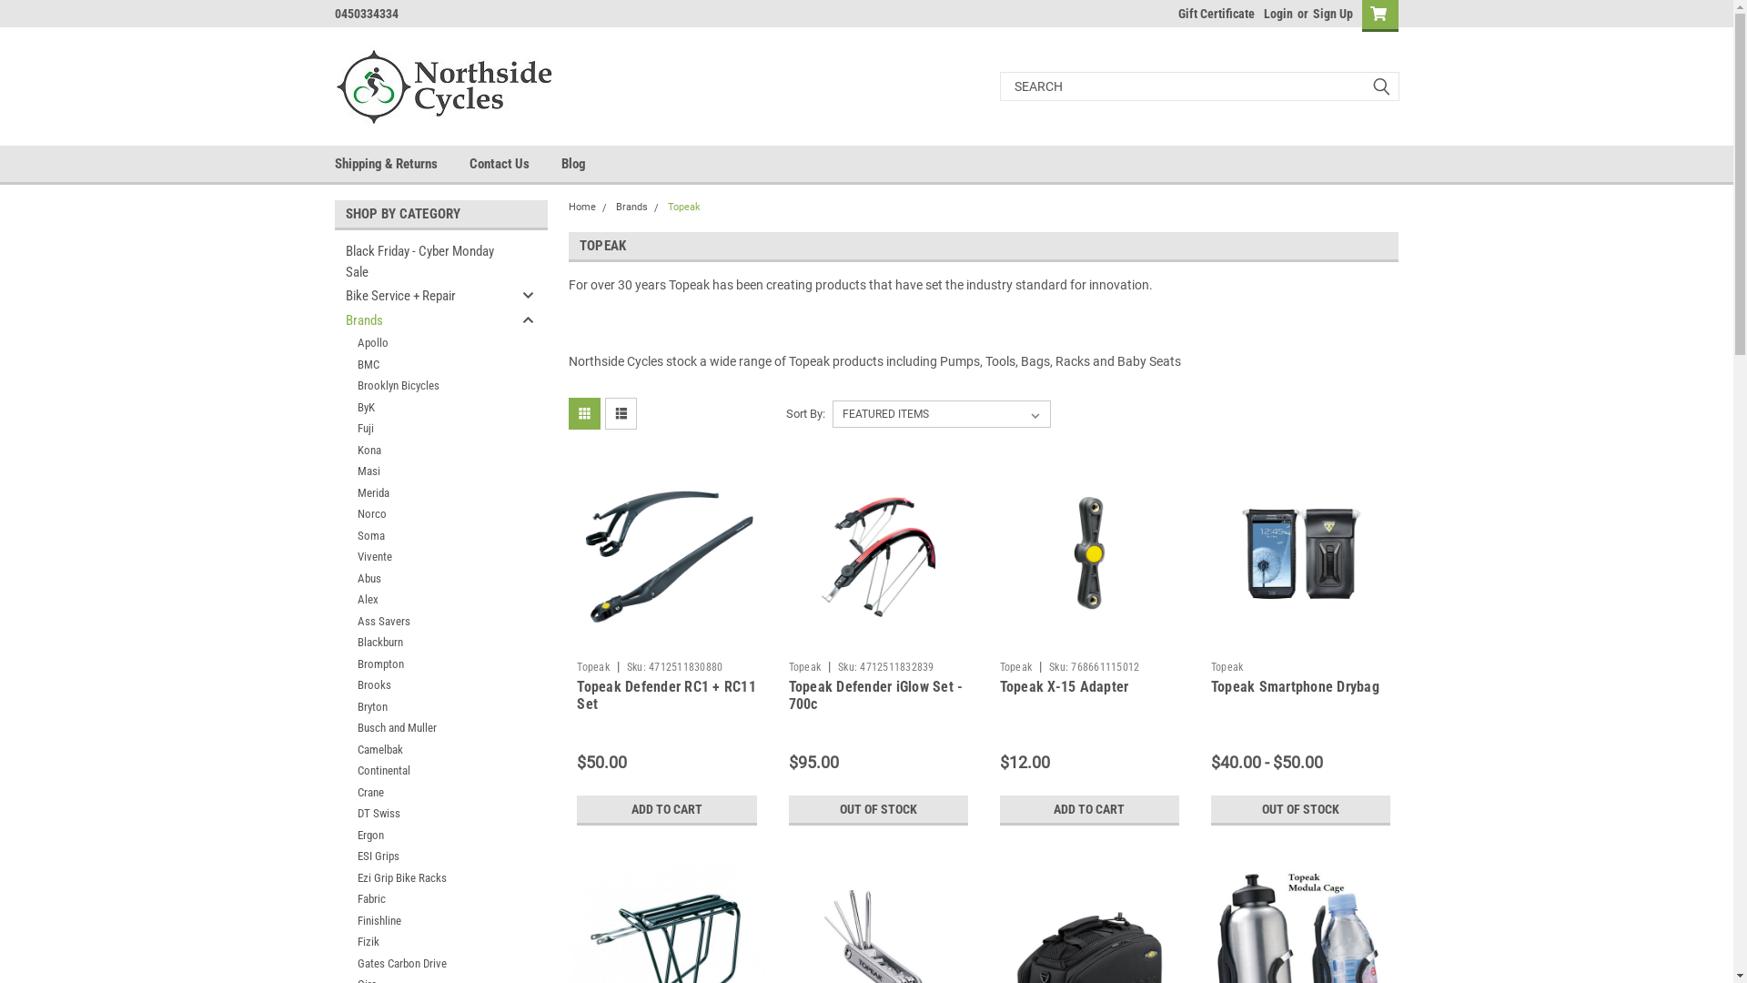 This screenshot has width=1747, height=983. What do you see at coordinates (665, 695) in the screenshot?
I see `'Topeak Defender RC1 + RC11 Set'` at bounding box center [665, 695].